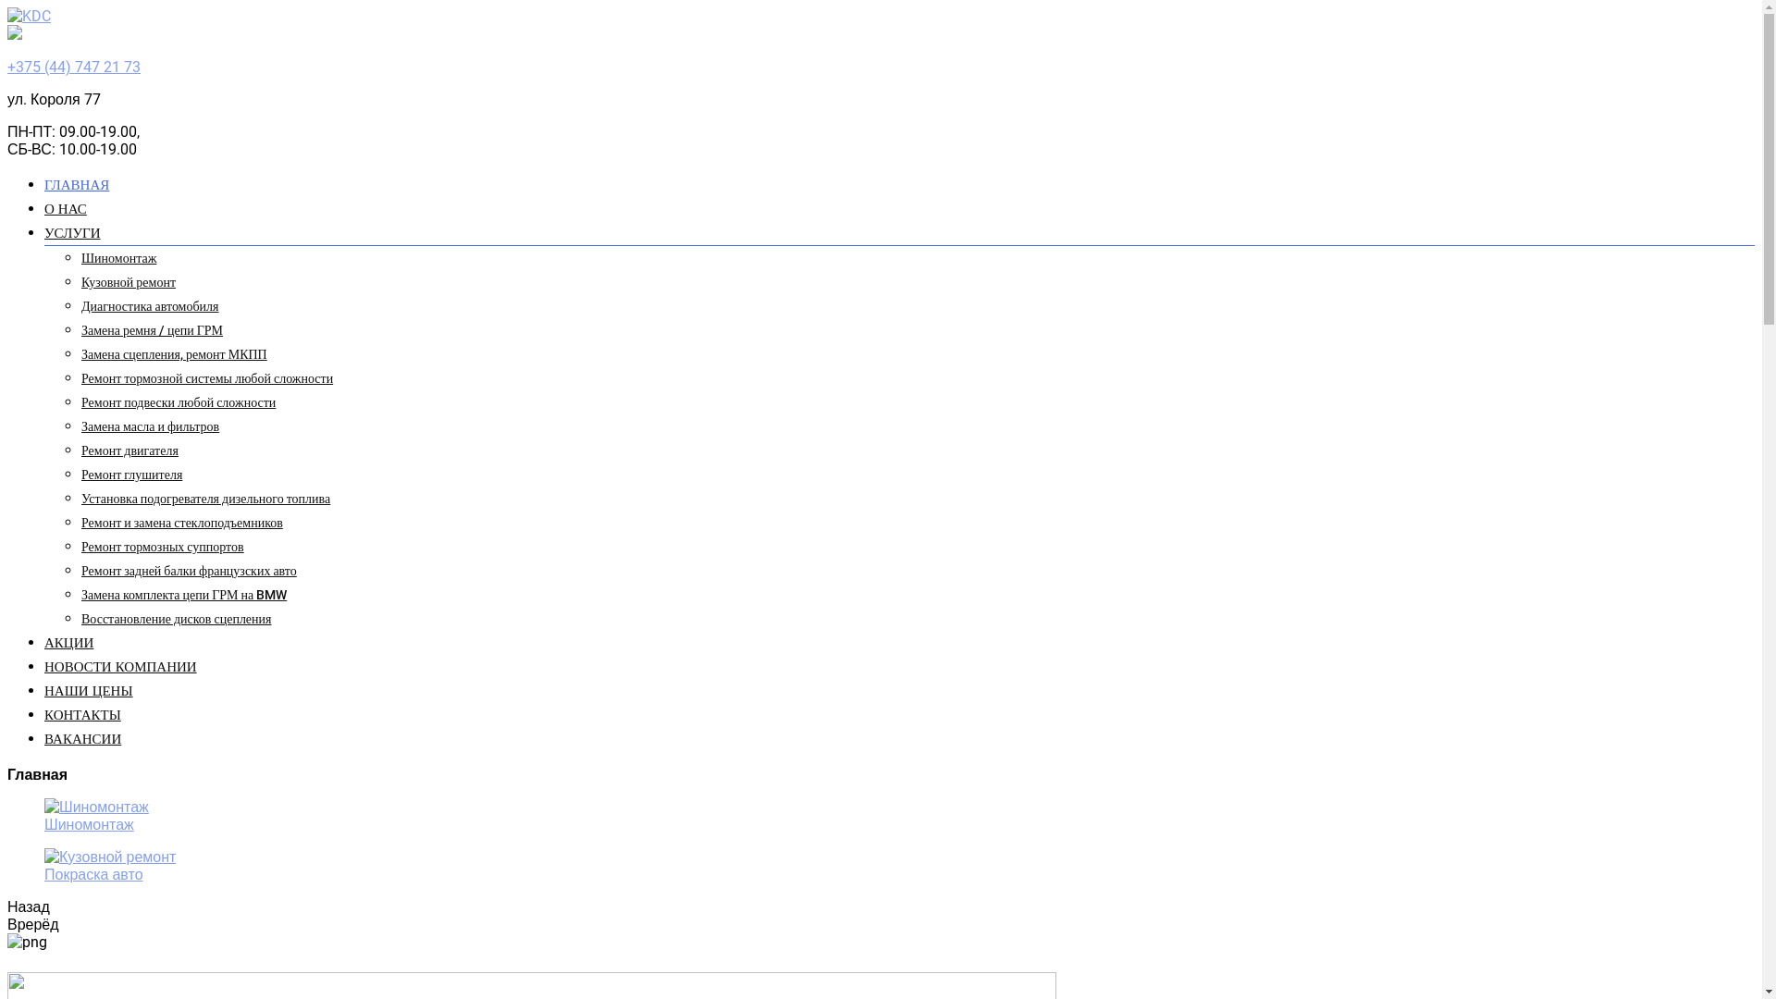 Image resolution: width=1776 pixels, height=999 pixels. What do you see at coordinates (74, 66) in the screenshot?
I see `'+375 (44) 747 21 73'` at bounding box center [74, 66].